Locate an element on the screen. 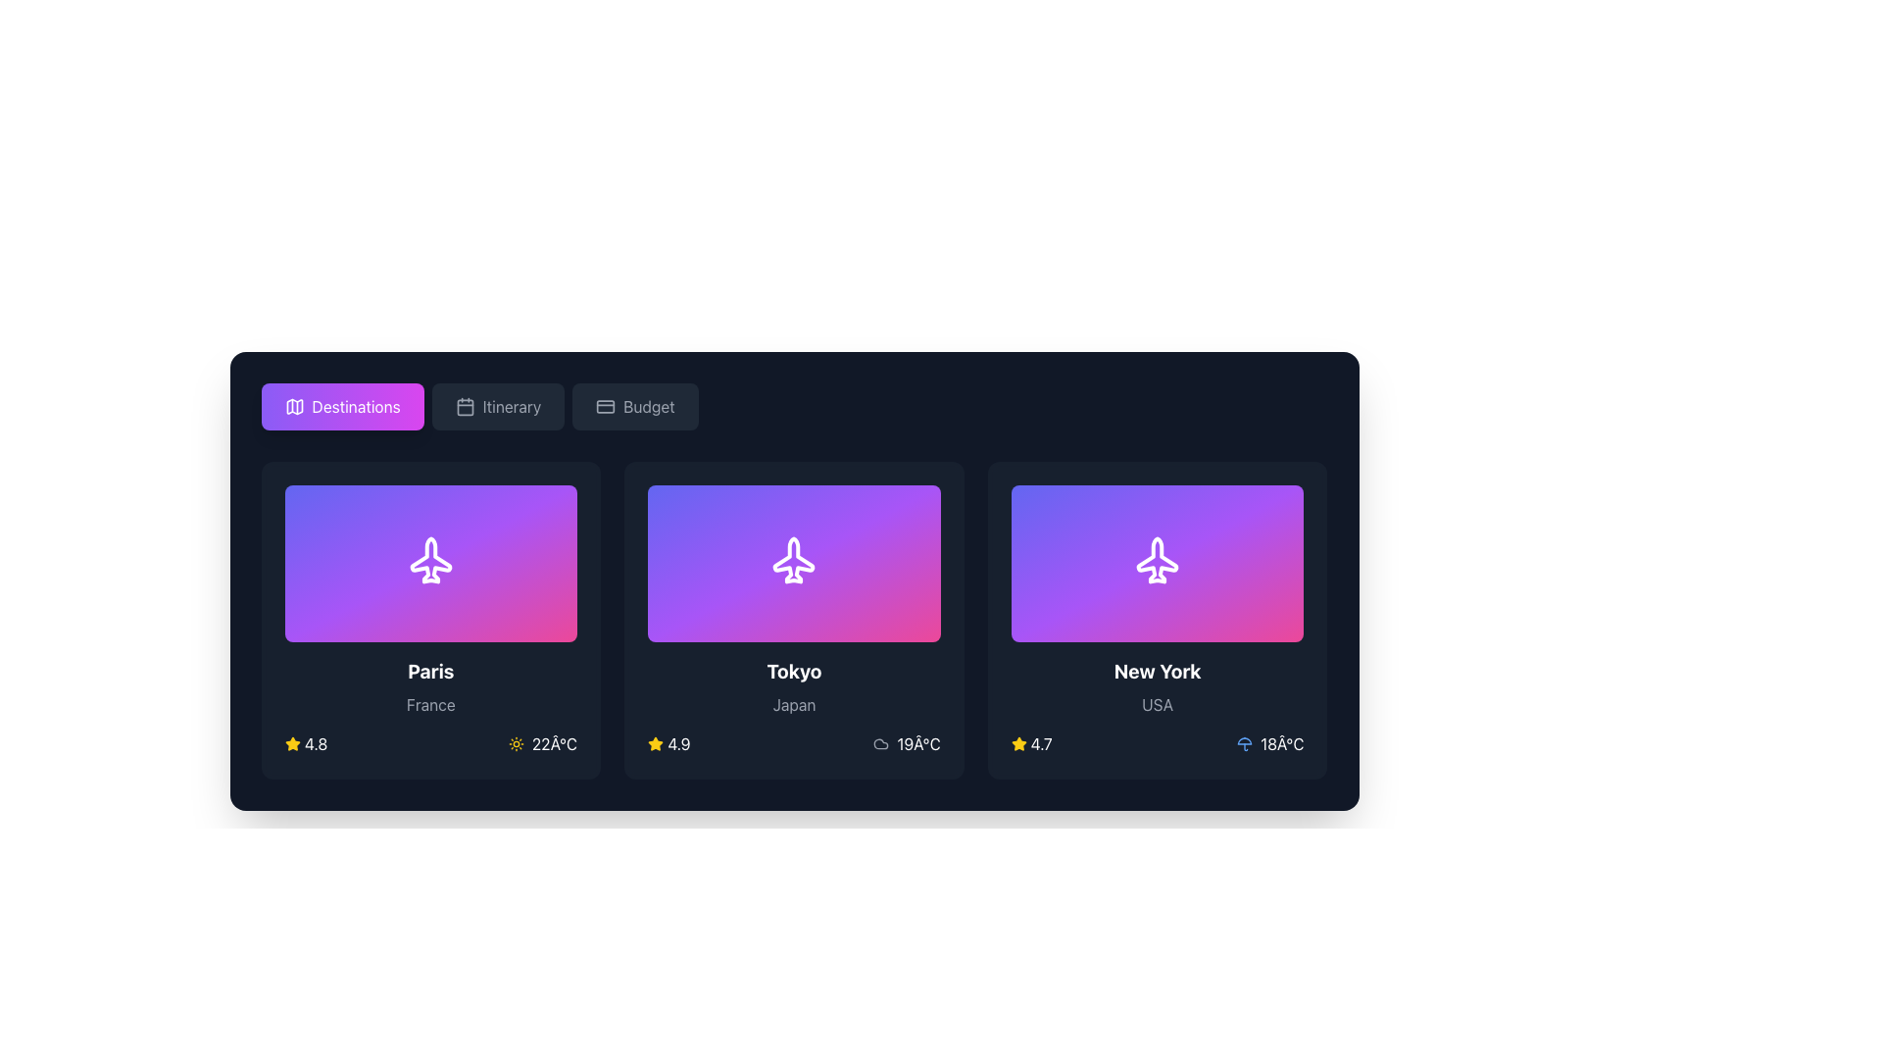  the static text label that displays the country associated with the city 'Paris', located below the title 'Paris' and above the temperature information is located at coordinates (429, 703).